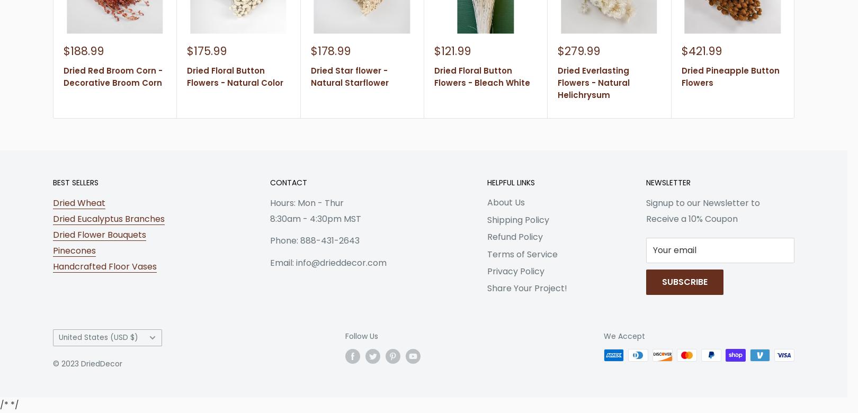 This screenshot has height=413, width=858. I want to click on 'Newsletter', so click(668, 181).